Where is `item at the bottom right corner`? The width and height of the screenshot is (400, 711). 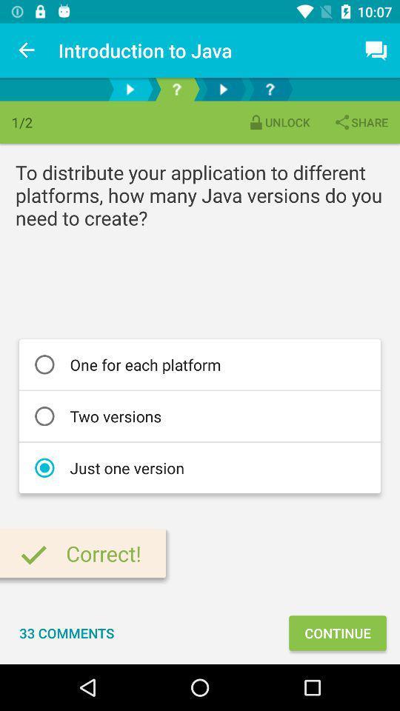 item at the bottom right corner is located at coordinates (337, 632).